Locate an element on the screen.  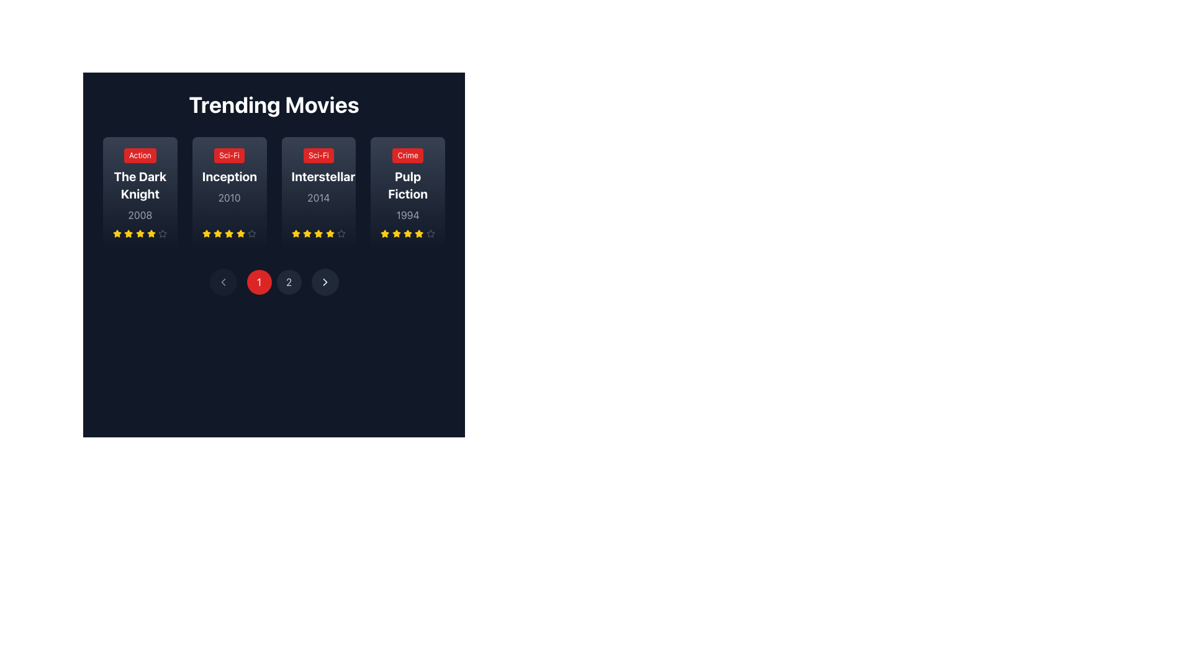
the 'Interstellar' movie list item in the 'Trending Movies' section is located at coordinates (318, 176).